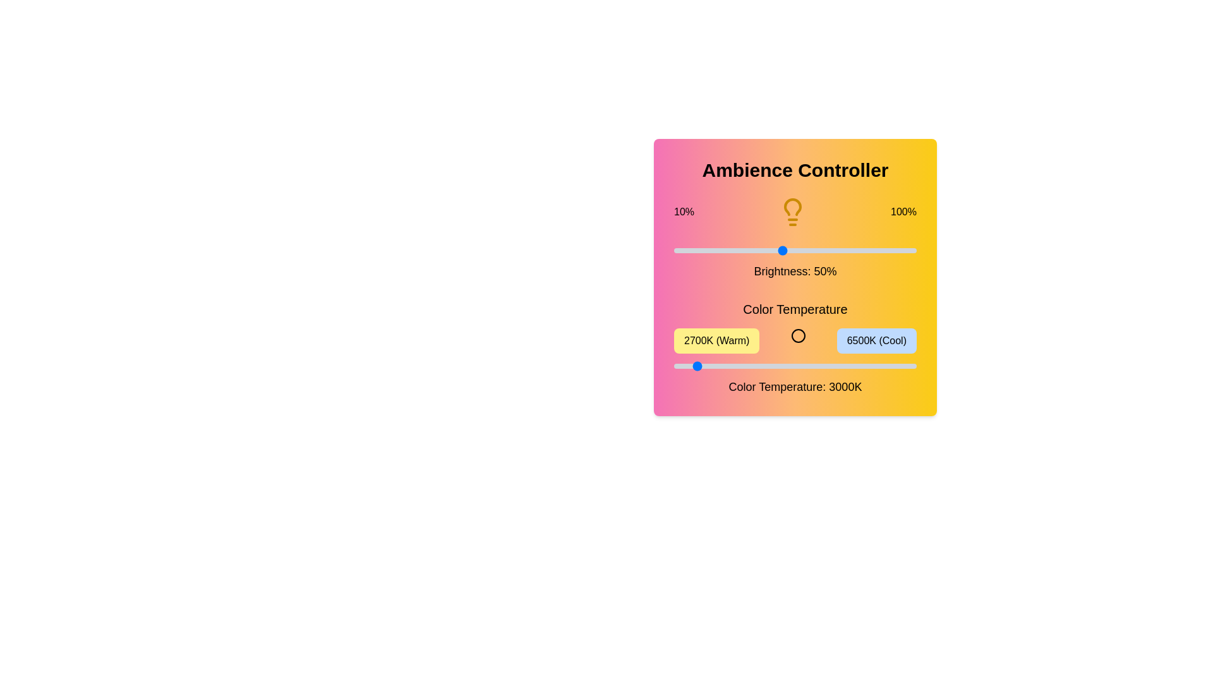  What do you see at coordinates (764, 366) in the screenshot?
I see `the color temperature slider to 4128 K` at bounding box center [764, 366].